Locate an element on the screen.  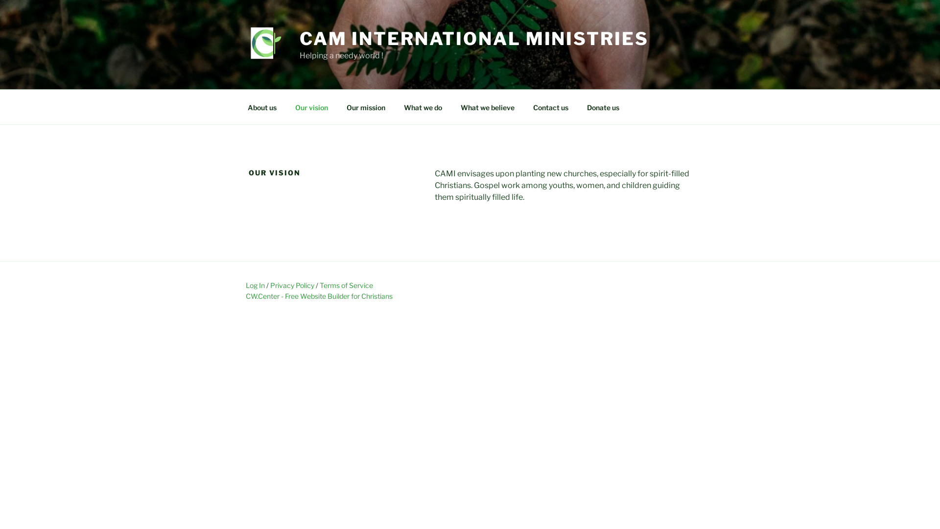
'Donate us' is located at coordinates (602, 107).